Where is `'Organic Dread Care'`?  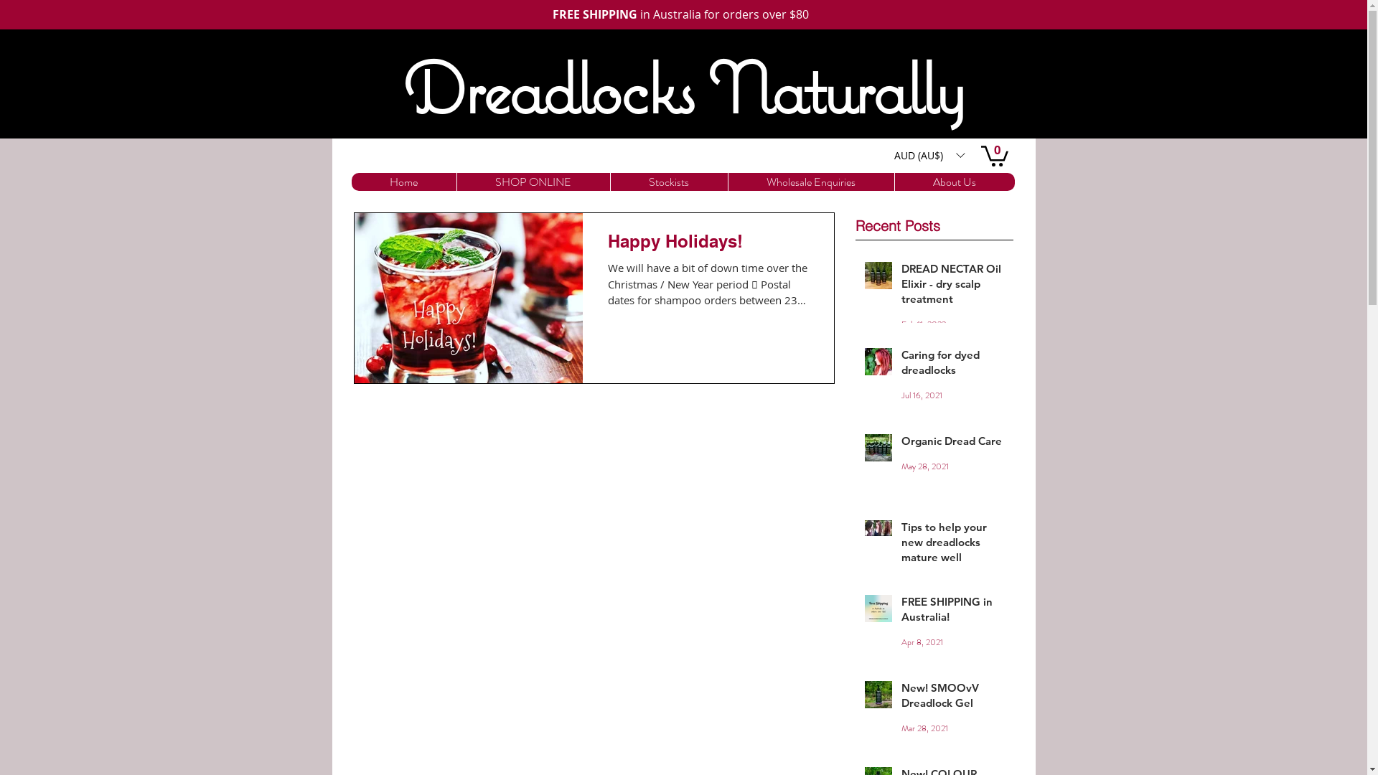 'Organic Dread Care' is located at coordinates (953, 443).